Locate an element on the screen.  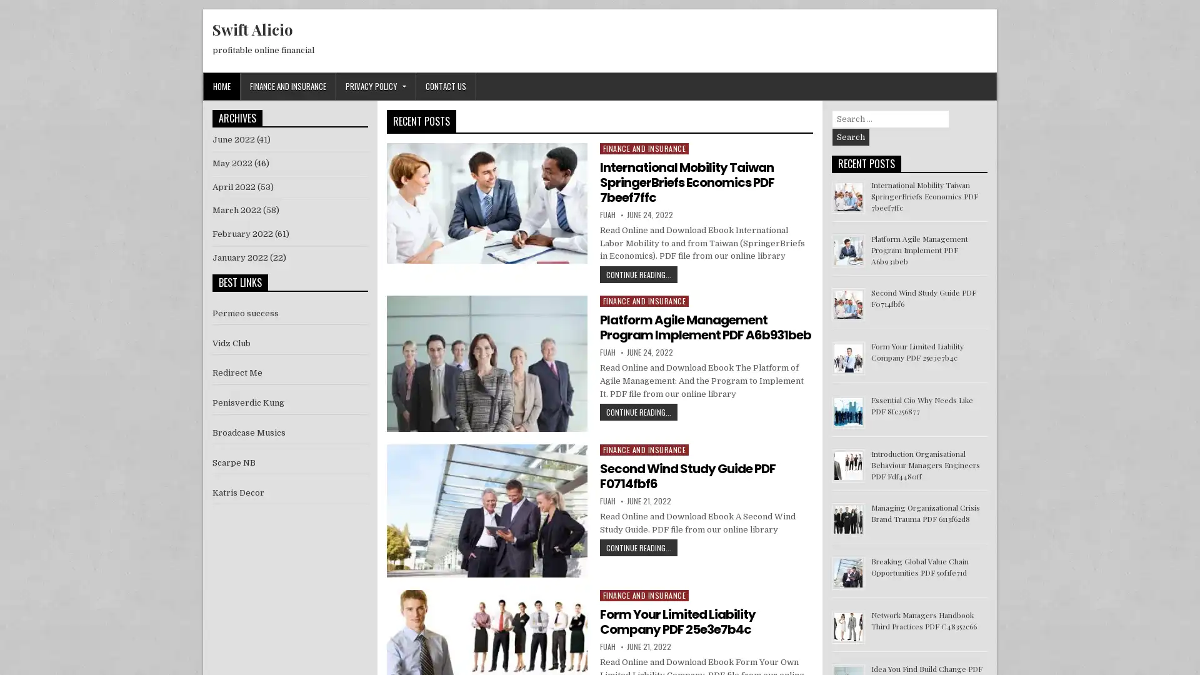
Search is located at coordinates (850, 137).